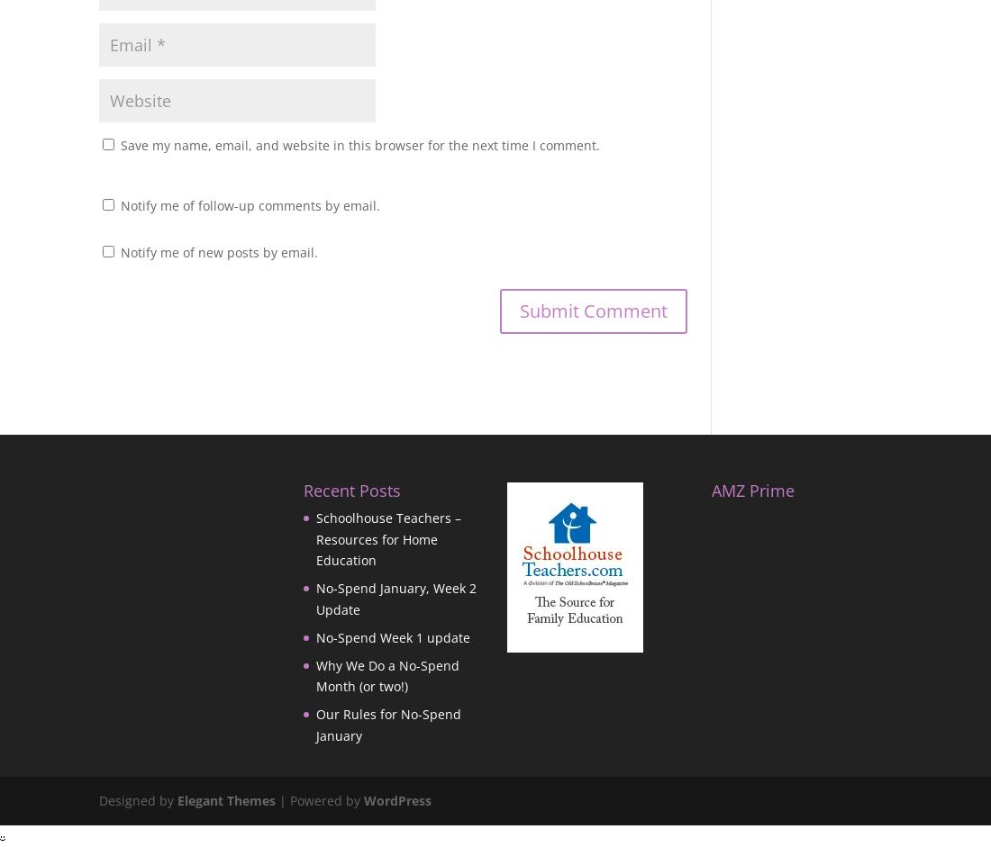  I want to click on 'Notify me of new posts by email.', so click(219, 252).